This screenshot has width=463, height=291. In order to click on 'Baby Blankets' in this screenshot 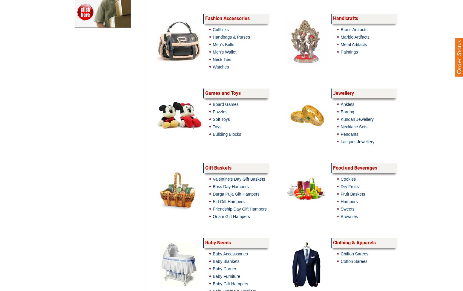, I will do `click(226, 261)`.